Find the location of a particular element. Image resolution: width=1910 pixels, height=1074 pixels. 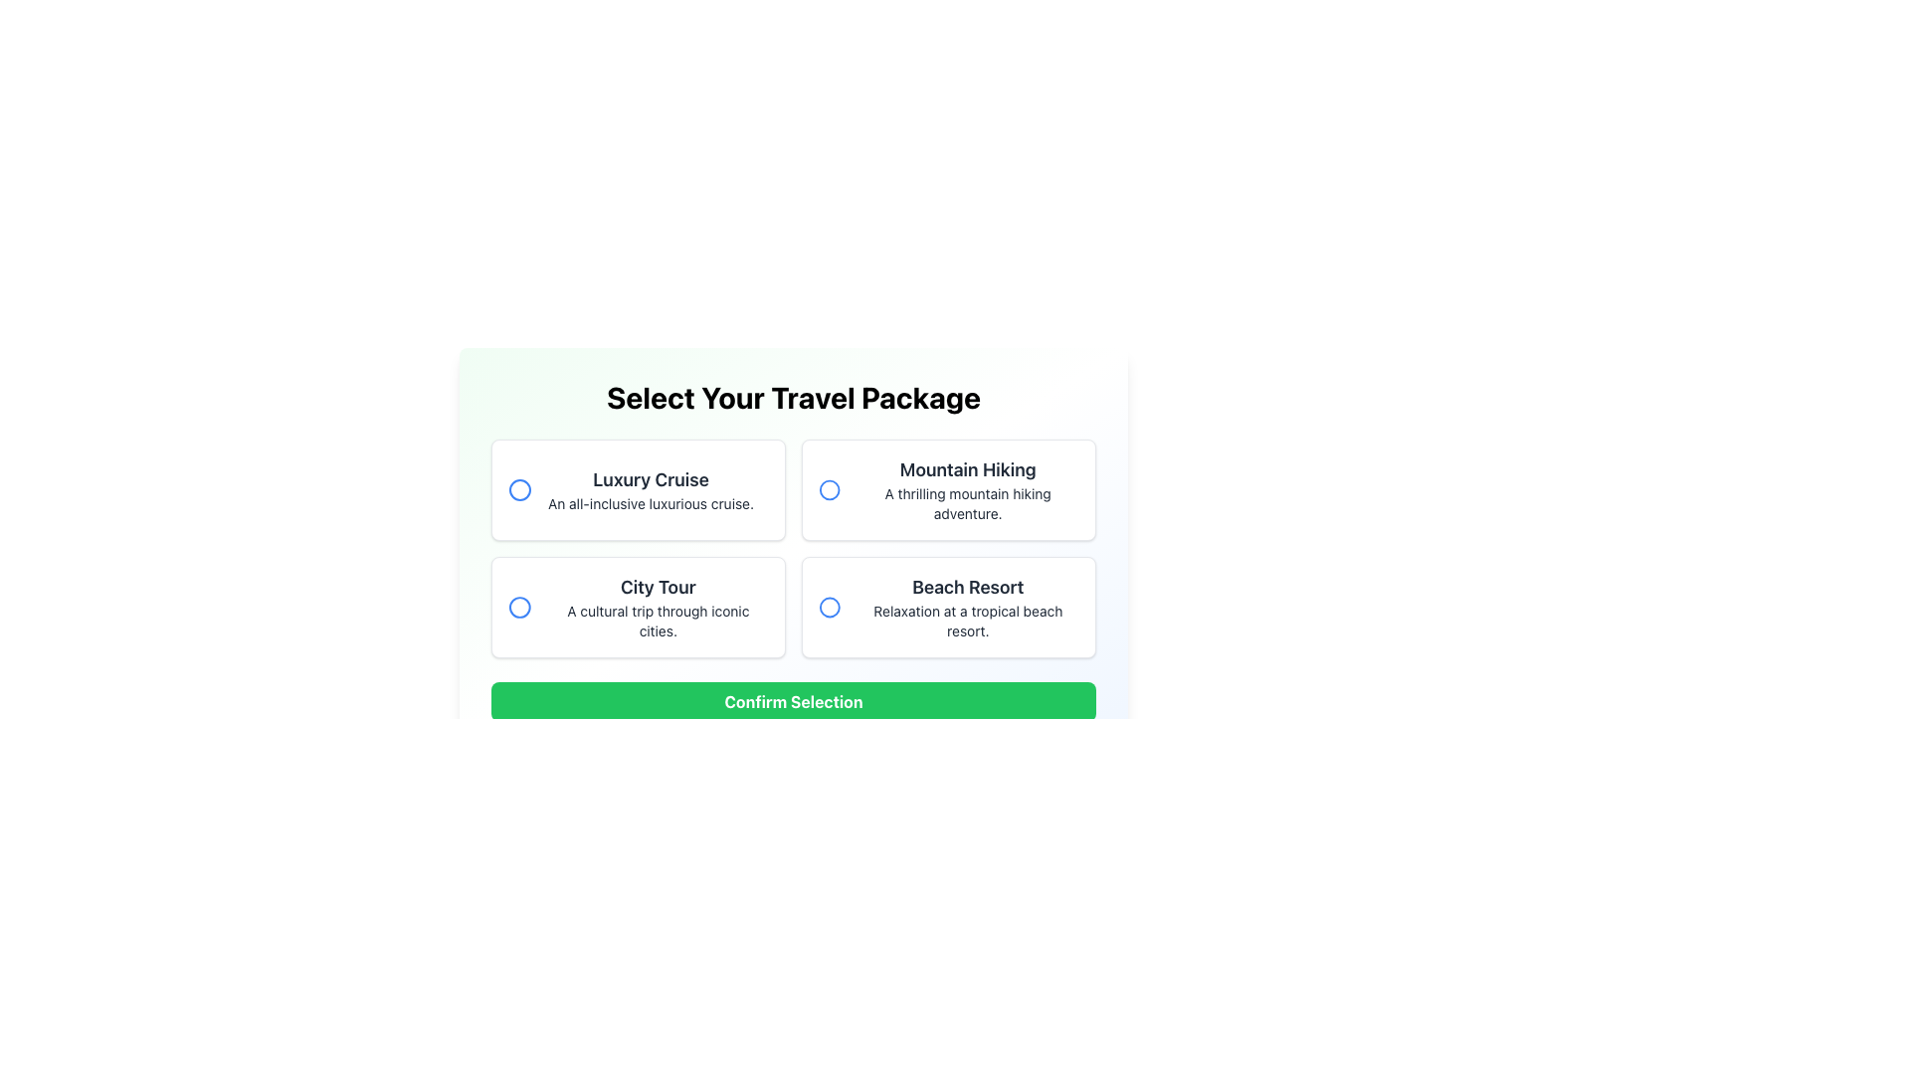

the radio button indicator for the 'Mountain Hiking' travel package is located at coordinates (830, 490).